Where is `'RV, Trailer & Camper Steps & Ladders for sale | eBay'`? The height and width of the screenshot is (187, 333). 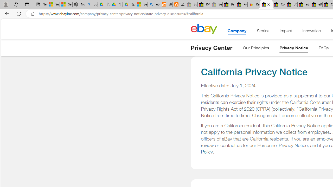 'RV, Trailer & Camper Steps & Ladders for sale | eBay' is located at coordinates (204, 4).